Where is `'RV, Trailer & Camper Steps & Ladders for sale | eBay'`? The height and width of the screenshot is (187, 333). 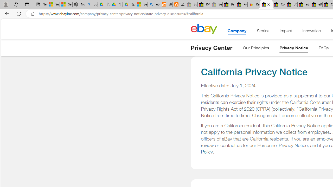 'RV, Trailer & Camper Steps & Ladders for sale | eBay' is located at coordinates (204, 4).